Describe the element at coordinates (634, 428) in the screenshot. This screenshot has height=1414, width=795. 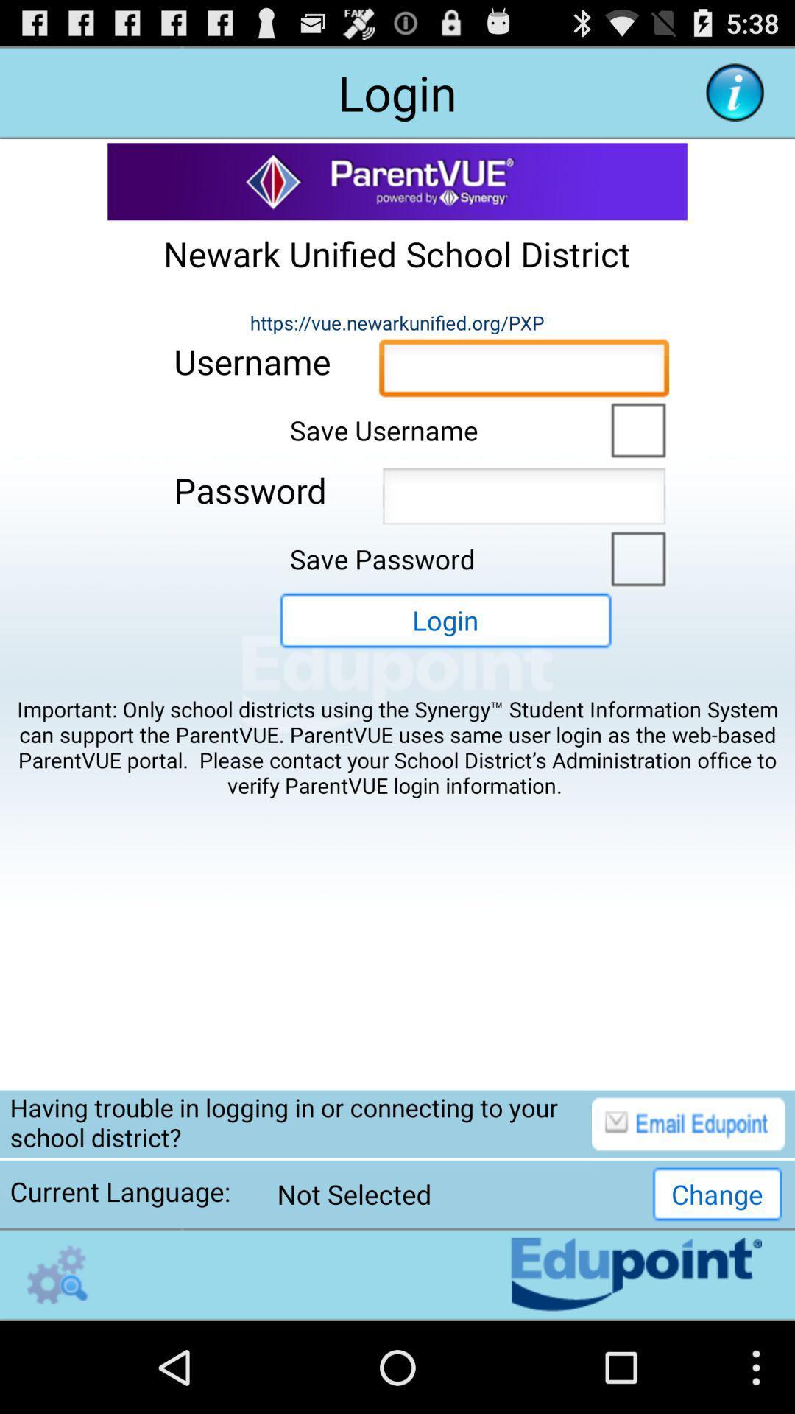
I see `username checkbox` at that location.